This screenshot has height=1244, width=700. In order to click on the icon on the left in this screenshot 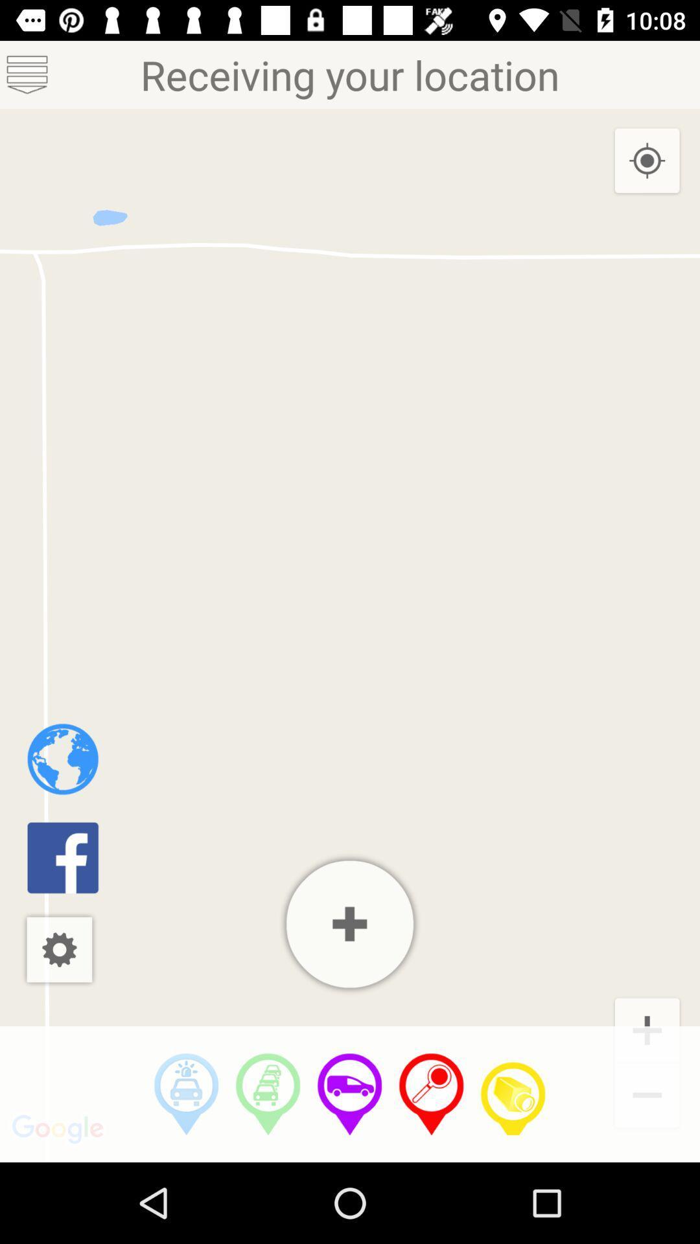, I will do `click(63, 759)`.